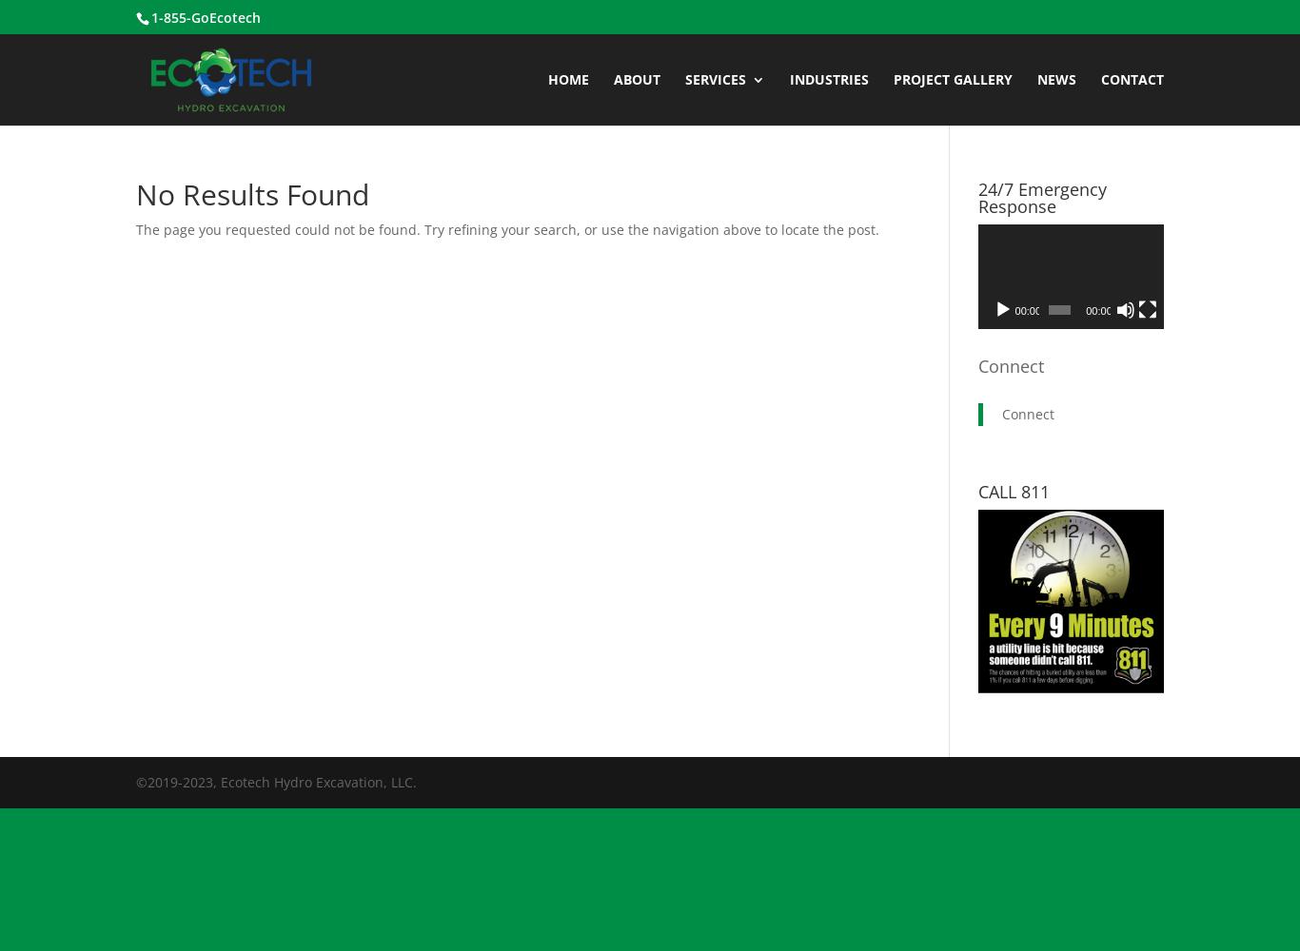 The width and height of the screenshot is (1300, 951). I want to click on 'Disposal Services', so click(1015, 229).